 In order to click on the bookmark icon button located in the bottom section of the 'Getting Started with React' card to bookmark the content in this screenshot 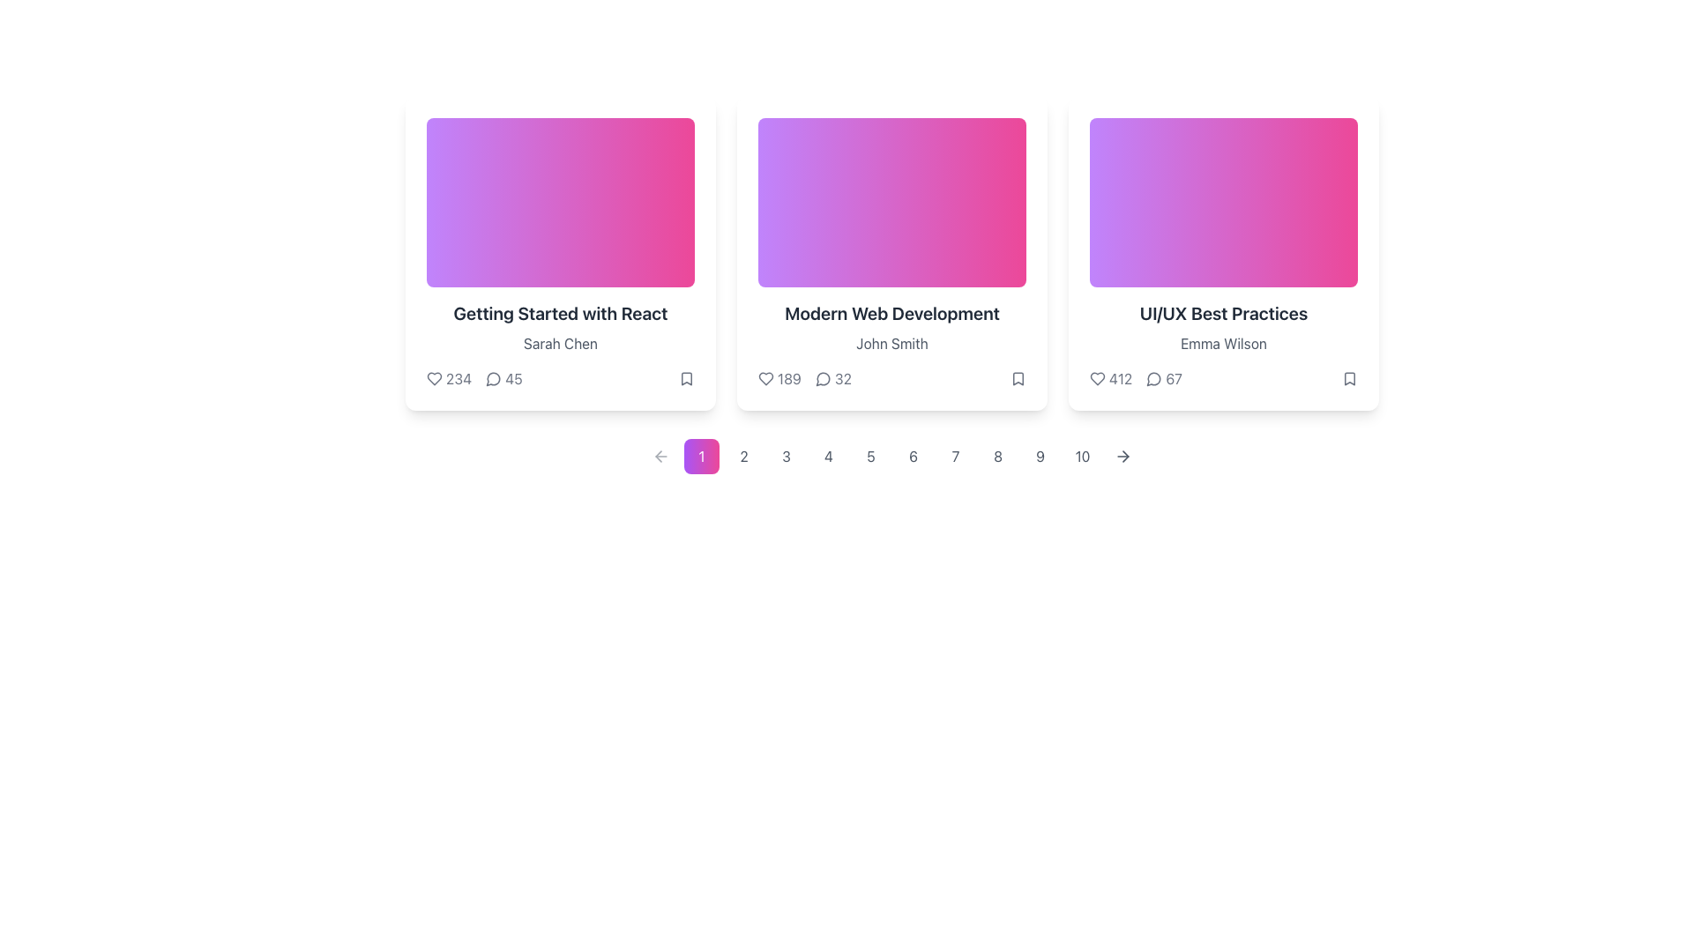, I will do `click(685, 377)`.